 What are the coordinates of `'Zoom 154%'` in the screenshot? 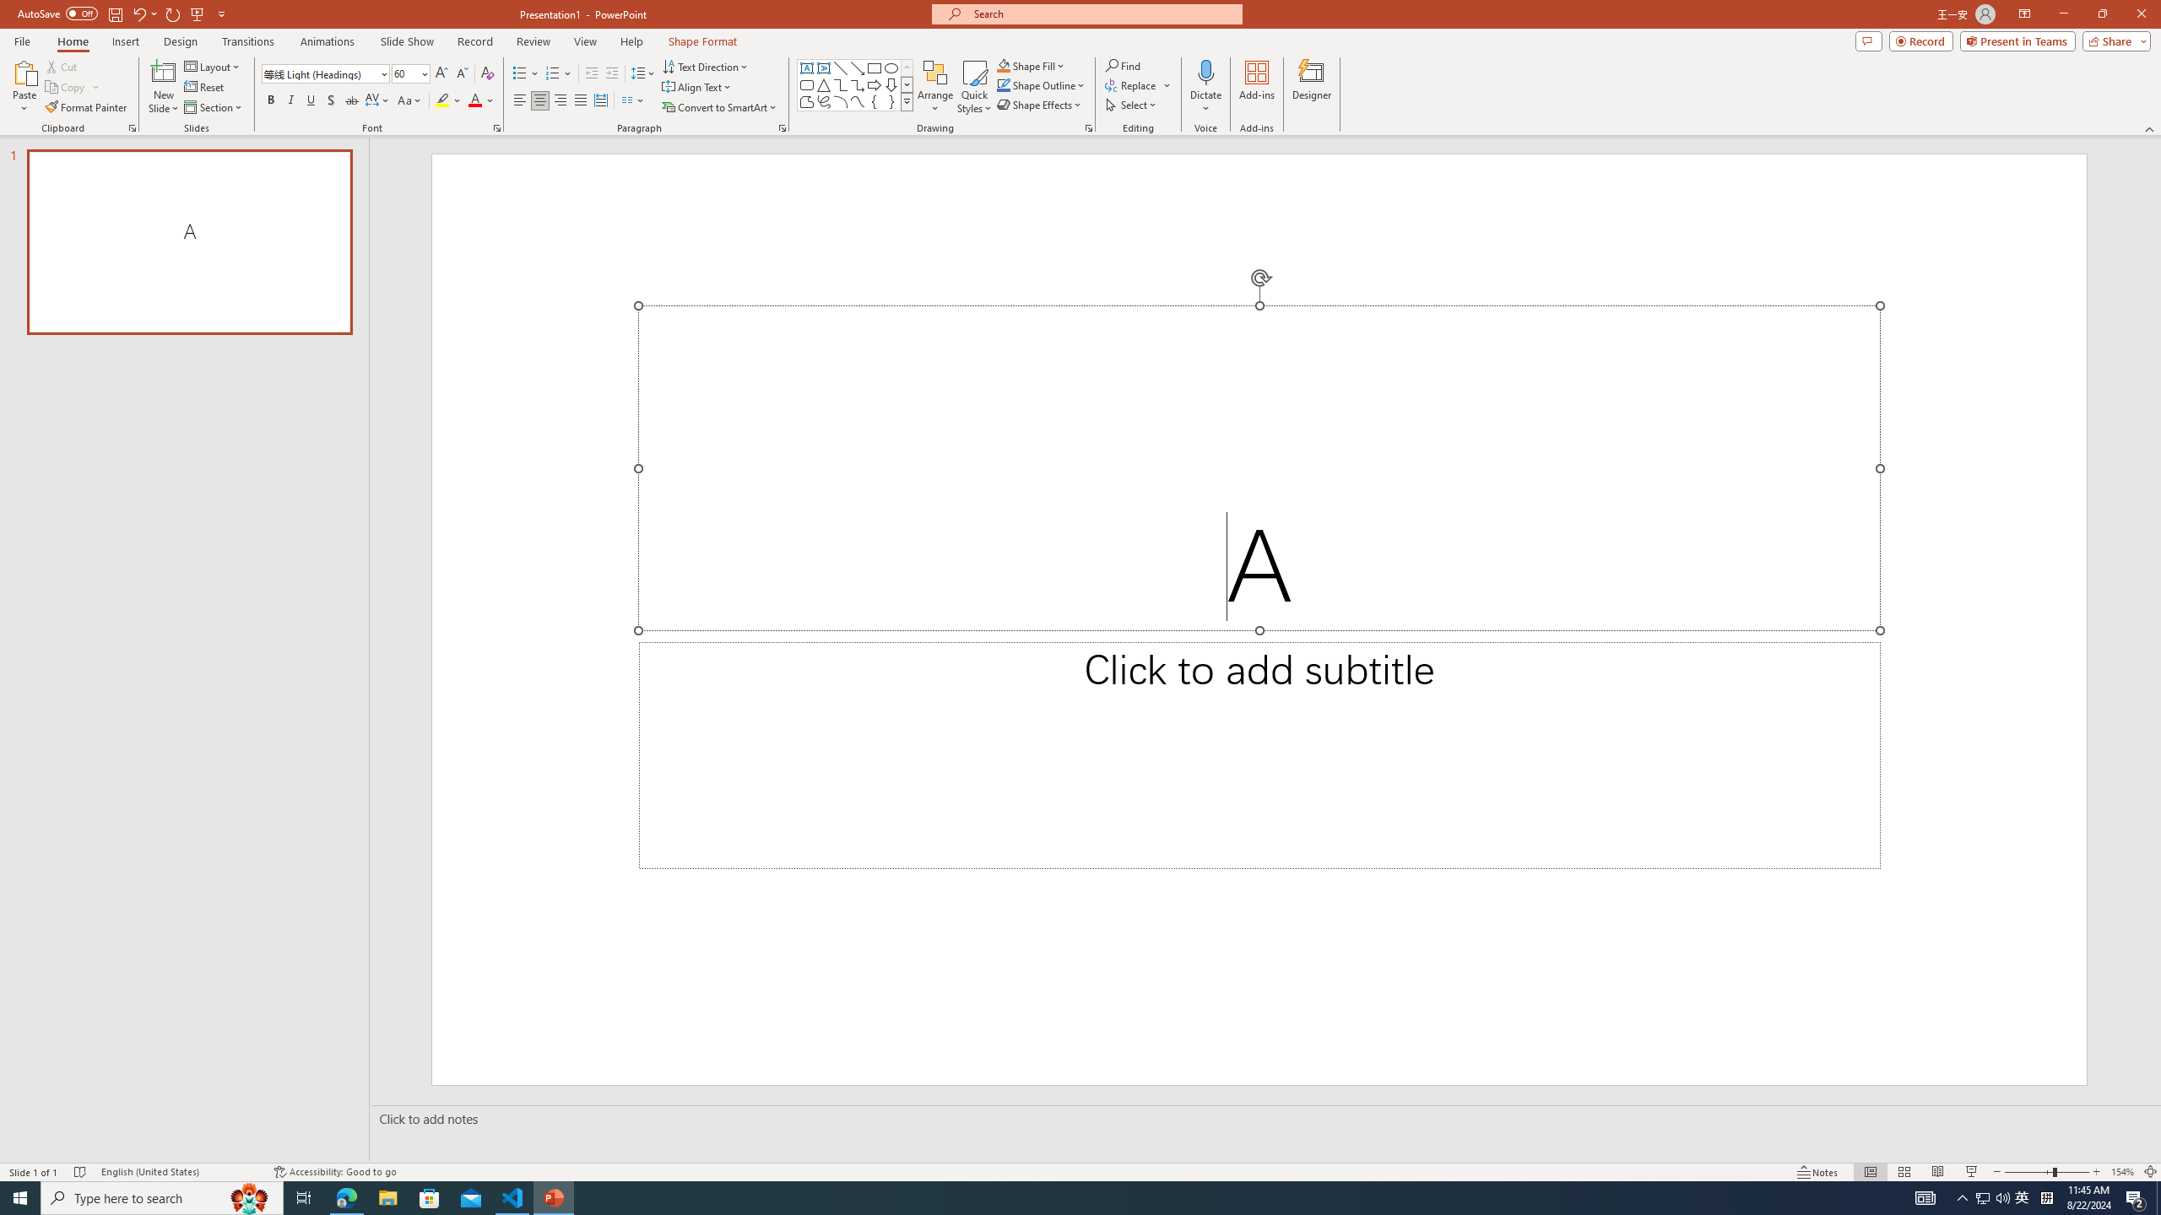 It's located at (2123, 1172).